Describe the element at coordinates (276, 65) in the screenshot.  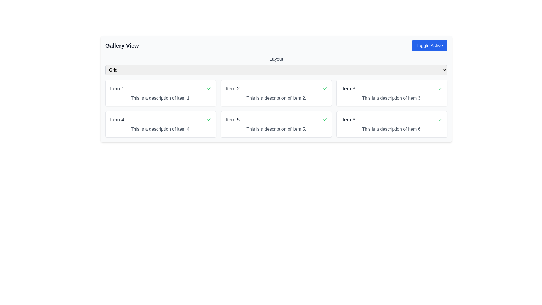
I see `the dropdown menu that allows users to select a layout option for displaying items in the grid view, located centrally above the grid layout and following the 'Gallery View' title` at that location.